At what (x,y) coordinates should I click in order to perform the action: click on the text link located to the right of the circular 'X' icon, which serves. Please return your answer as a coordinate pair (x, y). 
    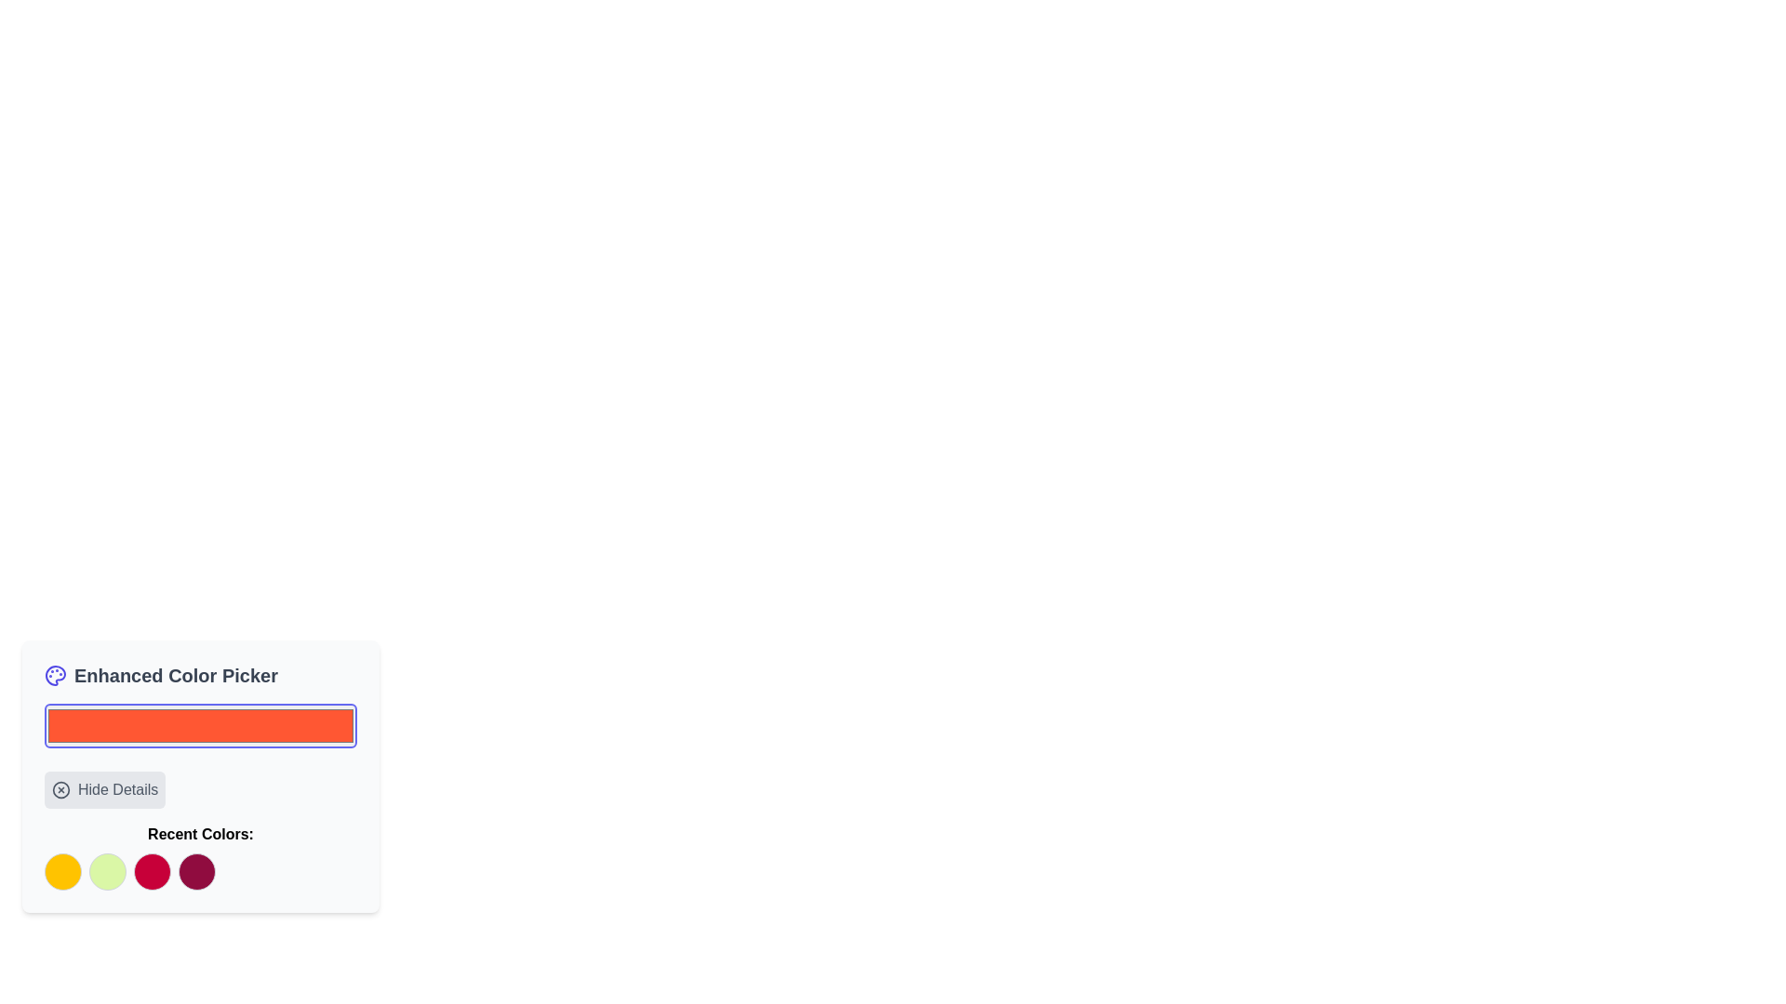
    Looking at the image, I should click on (116, 789).